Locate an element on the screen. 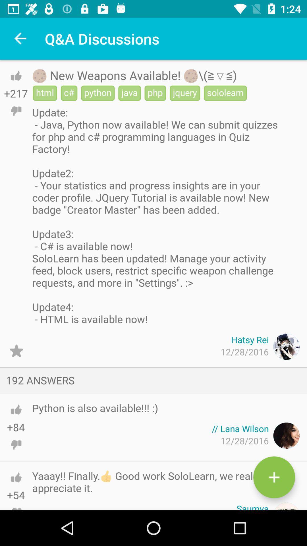 The height and width of the screenshot is (546, 307). like the discussion is located at coordinates (16, 75).